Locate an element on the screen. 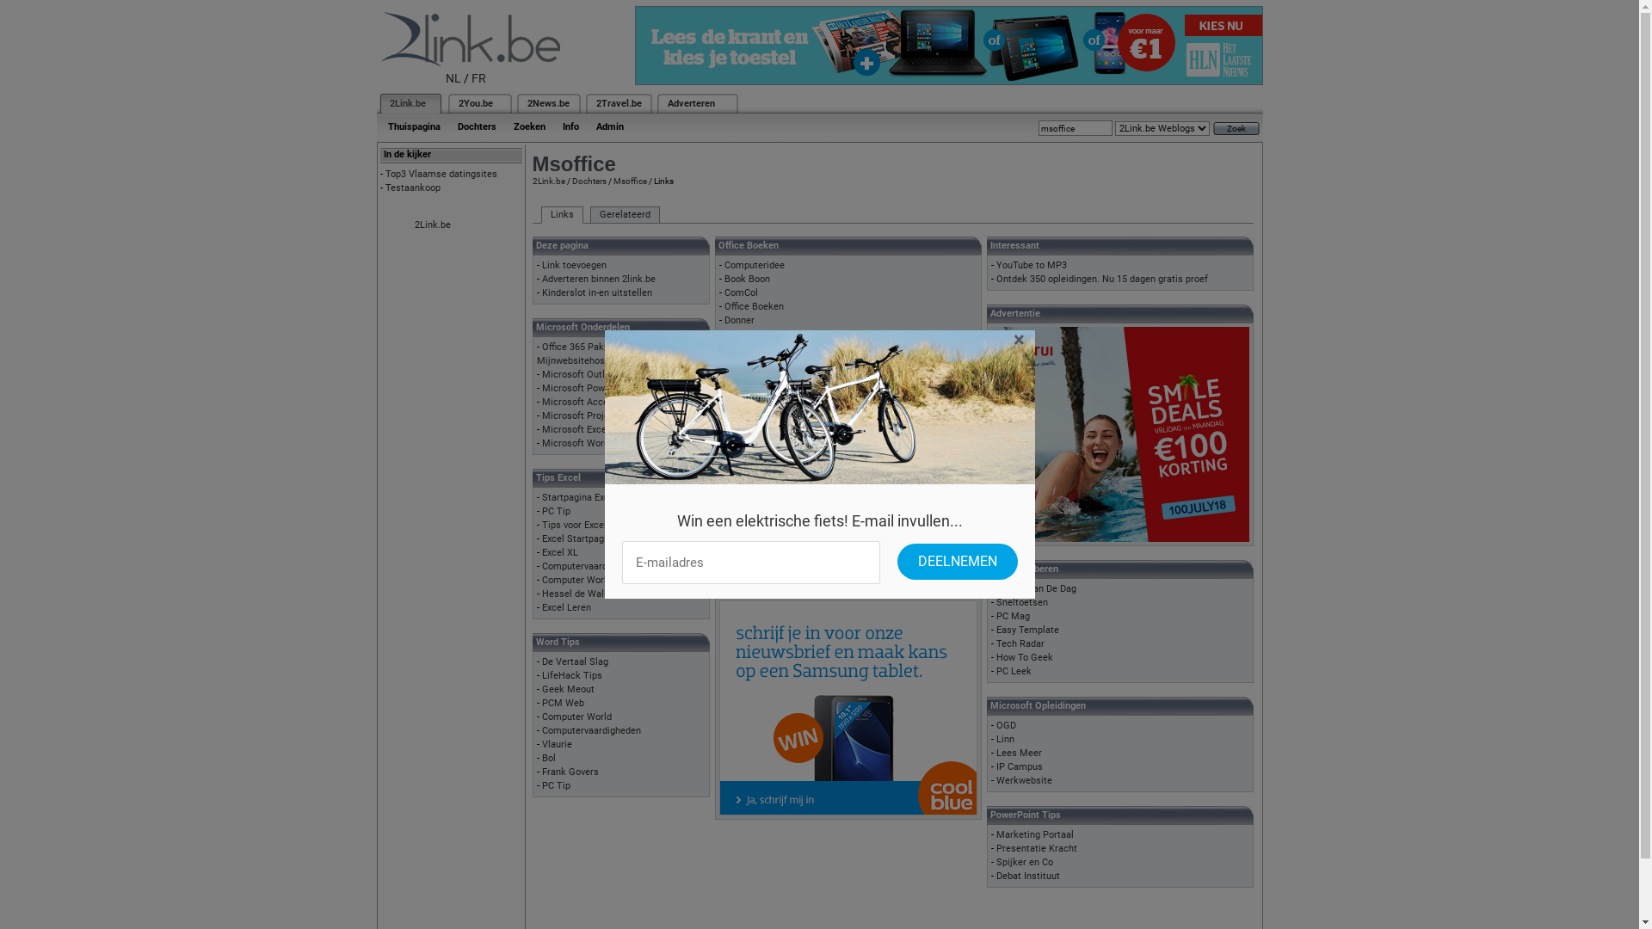 The height and width of the screenshot is (929, 1652). 'Bol' is located at coordinates (548, 757).